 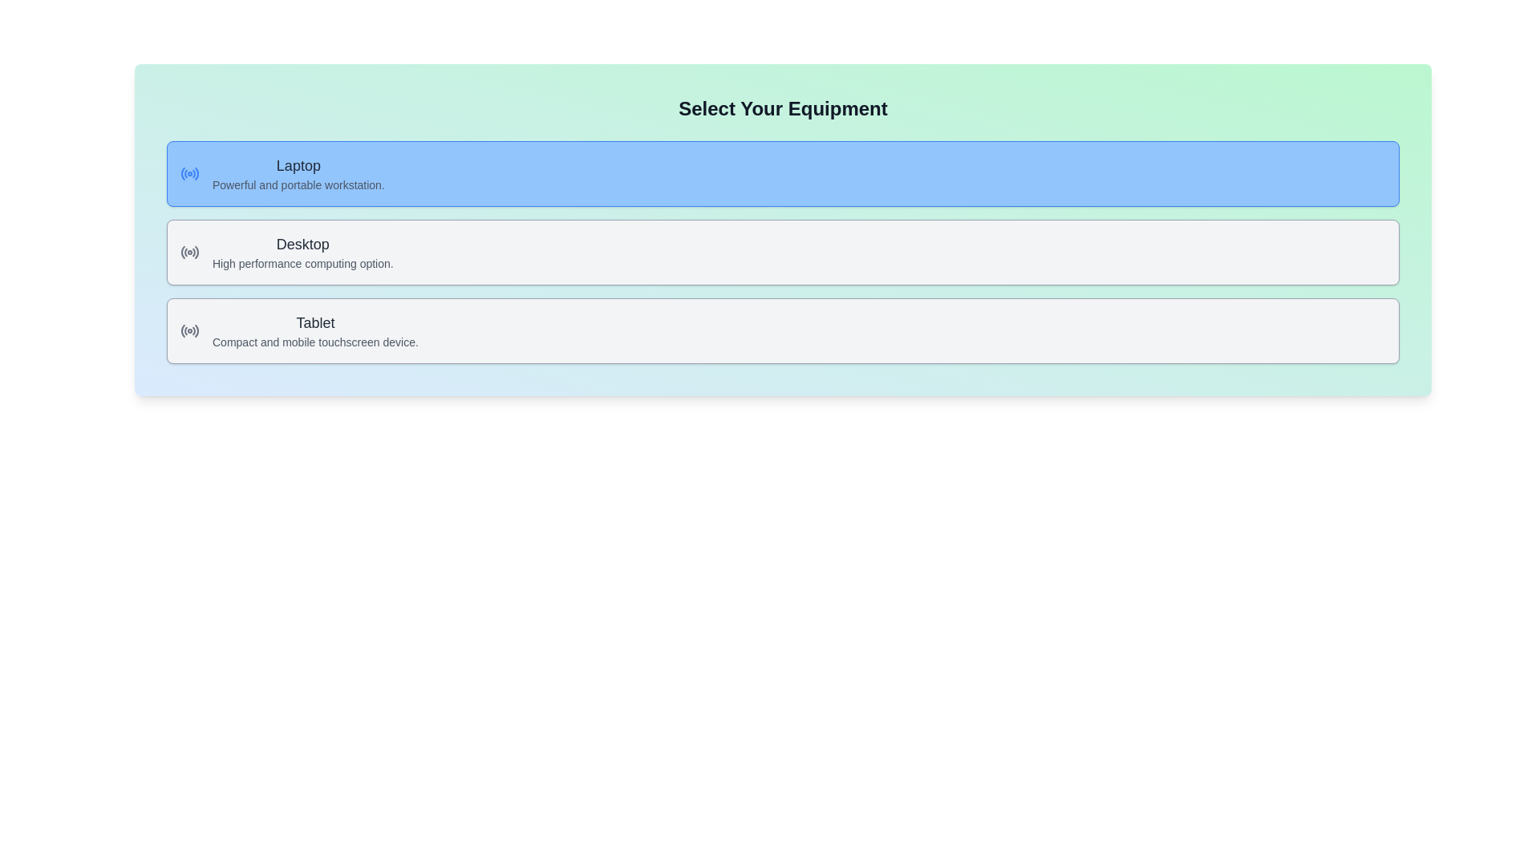 I want to click on the innermost rightmost arc of the radio signal icon, which is located to the left of the 'Laptop' option, so click(x=196, y=173).